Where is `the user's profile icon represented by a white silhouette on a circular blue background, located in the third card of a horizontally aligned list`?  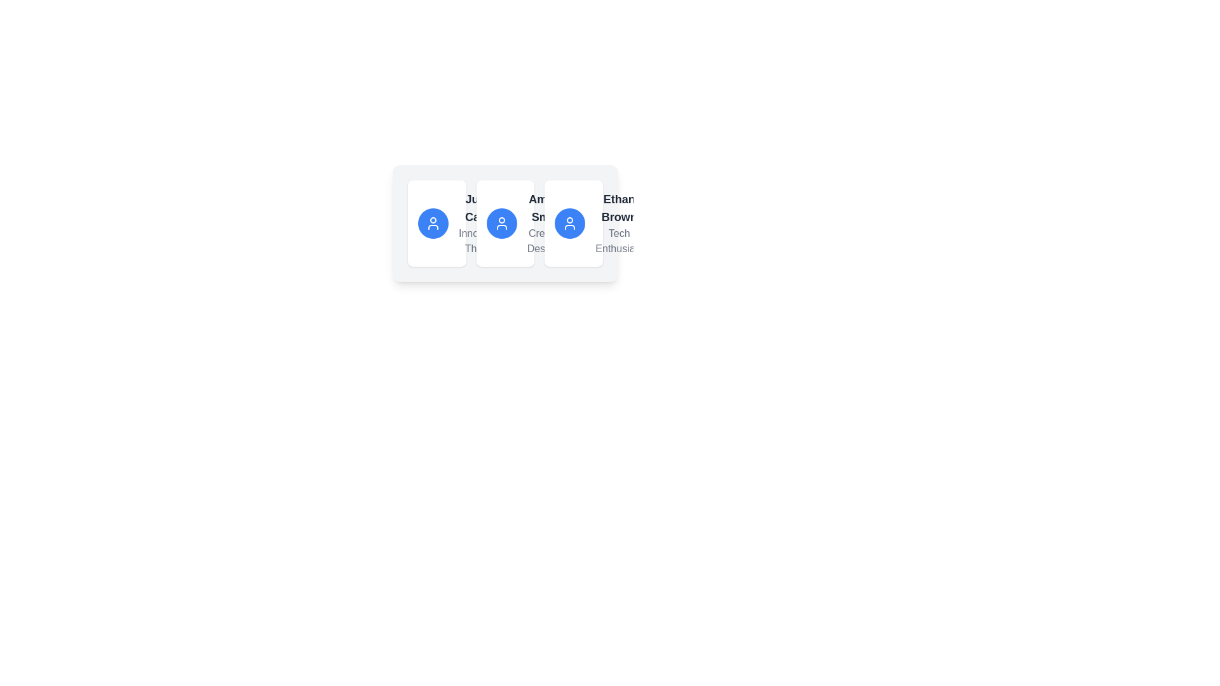
the user's profile icon represented by a white silhouette on a circular blue background, located in the third card of a horizontally aligned list is located at coordinates (569, 222).